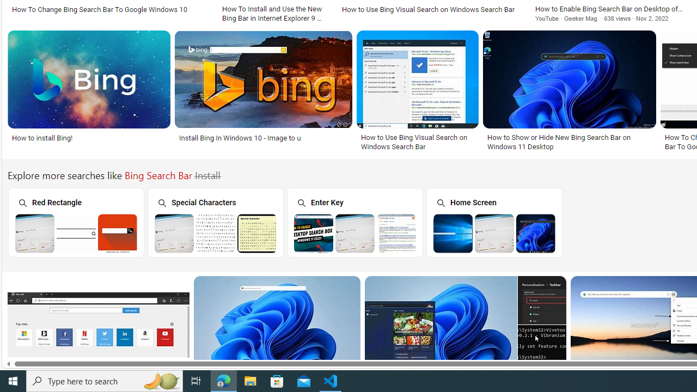 The width and height of the screenshot is (697, 392). I want to click on 'Red Rectangle', so click(75, 222).